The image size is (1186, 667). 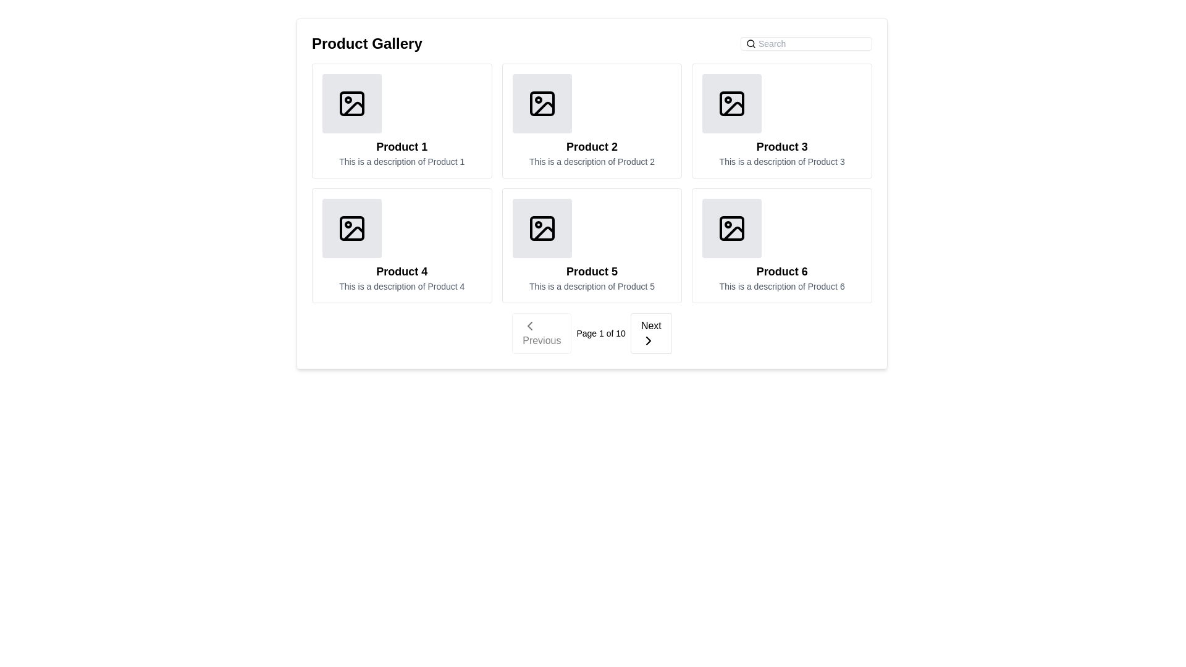 I want to click on the bold text label 'Product 1' located within the first card of the grid layout, situated between an image placeholder above and a description text below, so click(x=402, y=146).